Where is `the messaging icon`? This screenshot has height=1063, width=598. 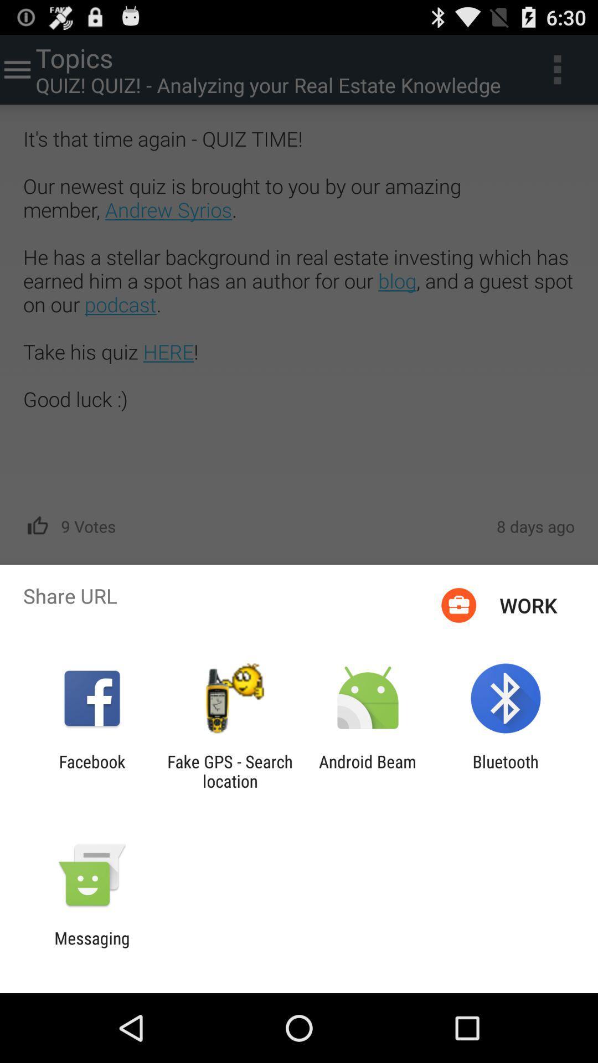
the messaging icon is located at coordinates (91, 947).